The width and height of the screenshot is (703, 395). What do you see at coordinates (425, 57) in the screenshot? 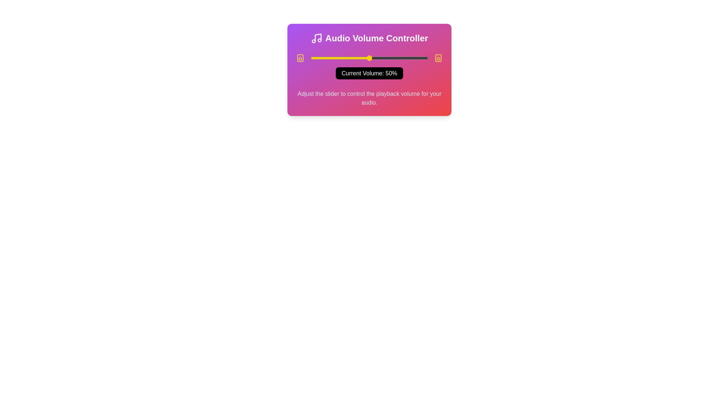
I see `the slider to set the volume to 97%` at bounding box center [425, 57].